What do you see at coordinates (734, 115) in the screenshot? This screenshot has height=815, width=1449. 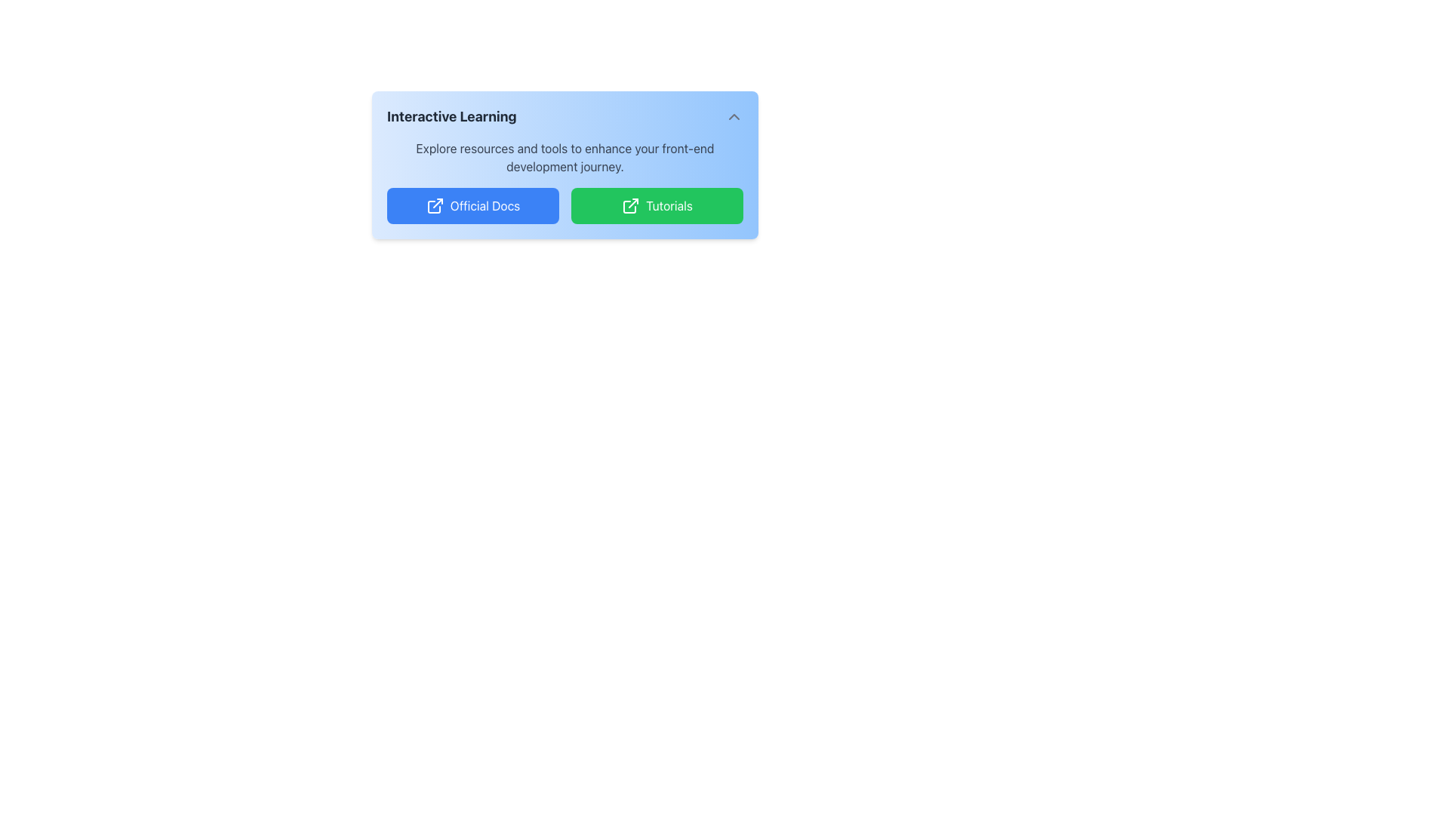 I see `the collapsible toggle button located on the rightmost edge of the 'Interactive Learning' section` at bounding box center [734, 115].